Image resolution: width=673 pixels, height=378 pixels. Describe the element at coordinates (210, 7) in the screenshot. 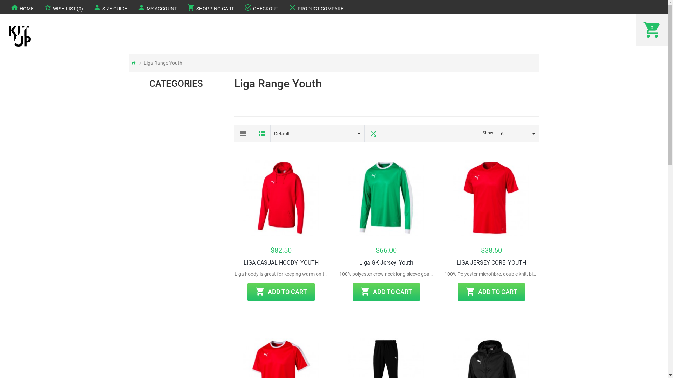

I see `'SHOPPING CART'` at that location.